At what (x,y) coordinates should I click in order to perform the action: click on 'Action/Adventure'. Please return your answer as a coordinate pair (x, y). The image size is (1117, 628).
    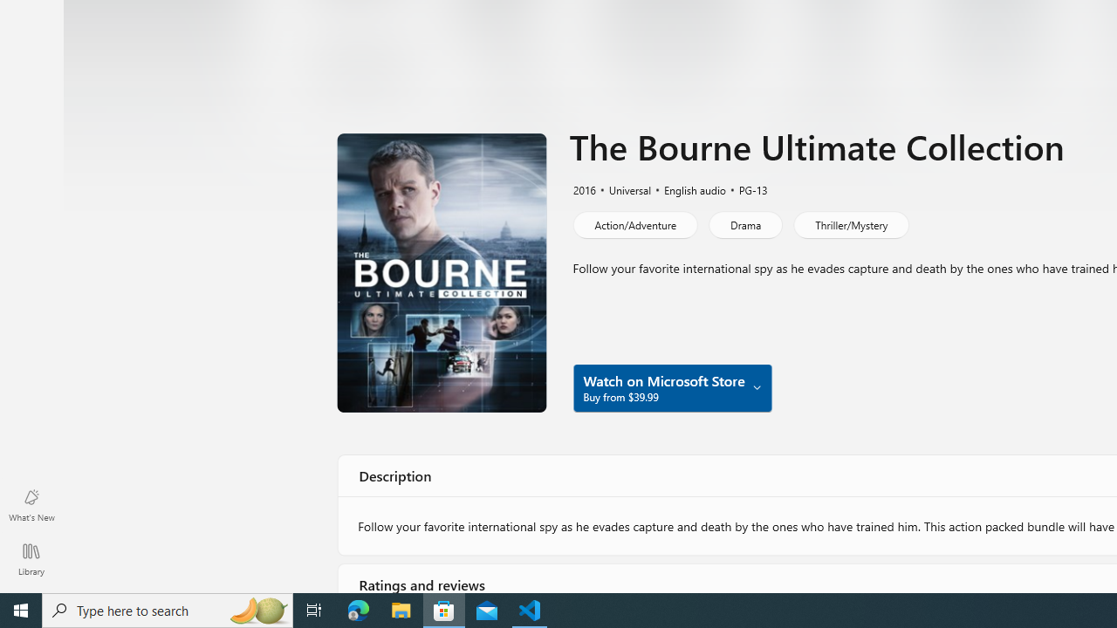
    Looking at the image, I should click on (634, 224).